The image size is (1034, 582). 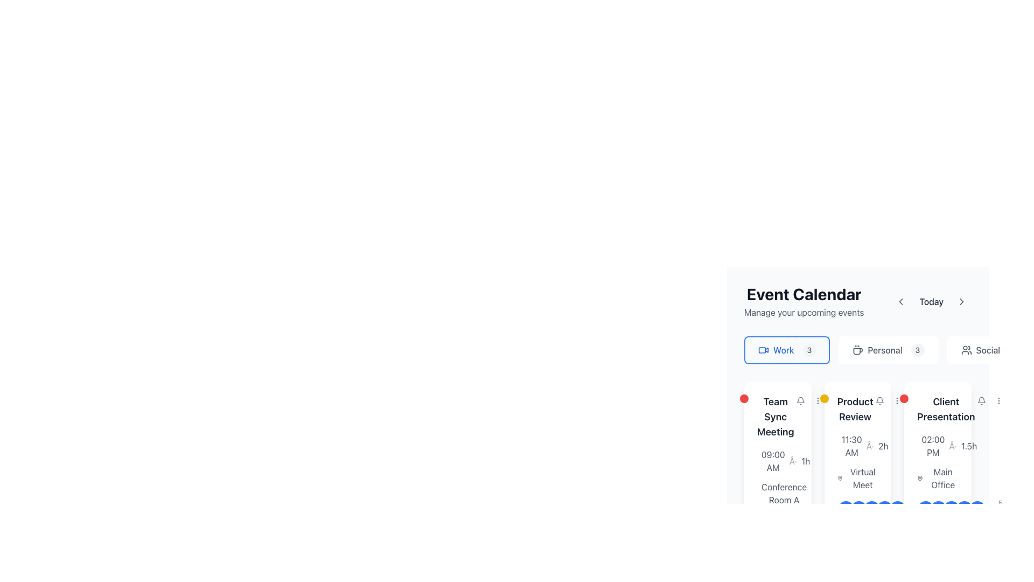 I want to click on the map pin icon located to the left of the 'Main Office' text in the 'Client Presentation' event details within the 'Event Calendar' interface panel, so click(x=919, y=477).